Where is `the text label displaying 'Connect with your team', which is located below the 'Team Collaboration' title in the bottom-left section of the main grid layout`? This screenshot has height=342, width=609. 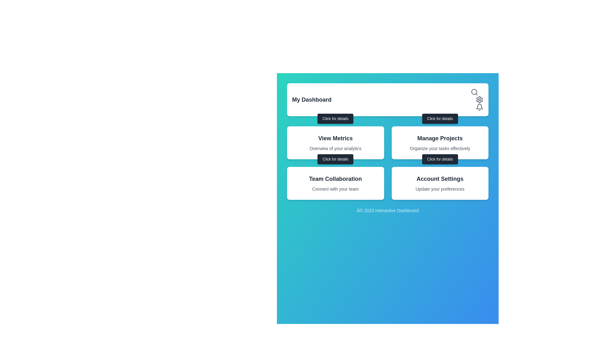 the text label displaying 'Connect with your team', which is located below the 'Team Collaboration' title in the bottom-left section of the main grid layout is located at coordinates (335, 189).